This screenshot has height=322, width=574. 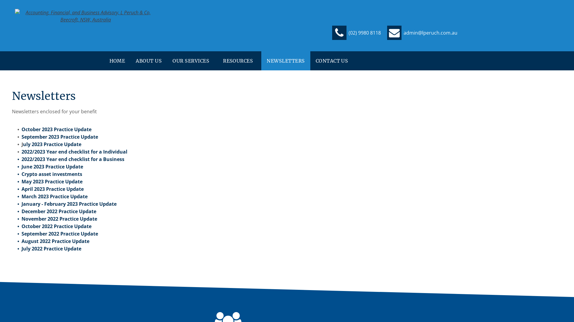 What do you see at coordinates (52, 144) in the screenshot?
I see `'uly 2023 Practice Update'` at bounding box center [52, 144].